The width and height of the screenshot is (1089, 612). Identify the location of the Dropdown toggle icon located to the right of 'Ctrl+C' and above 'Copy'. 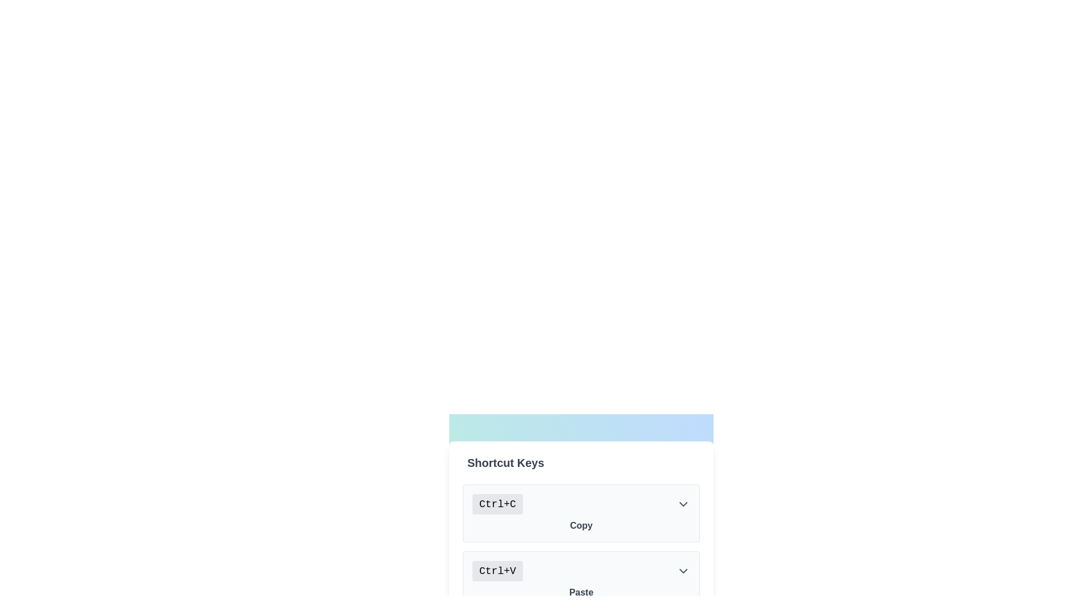
(682, 504).